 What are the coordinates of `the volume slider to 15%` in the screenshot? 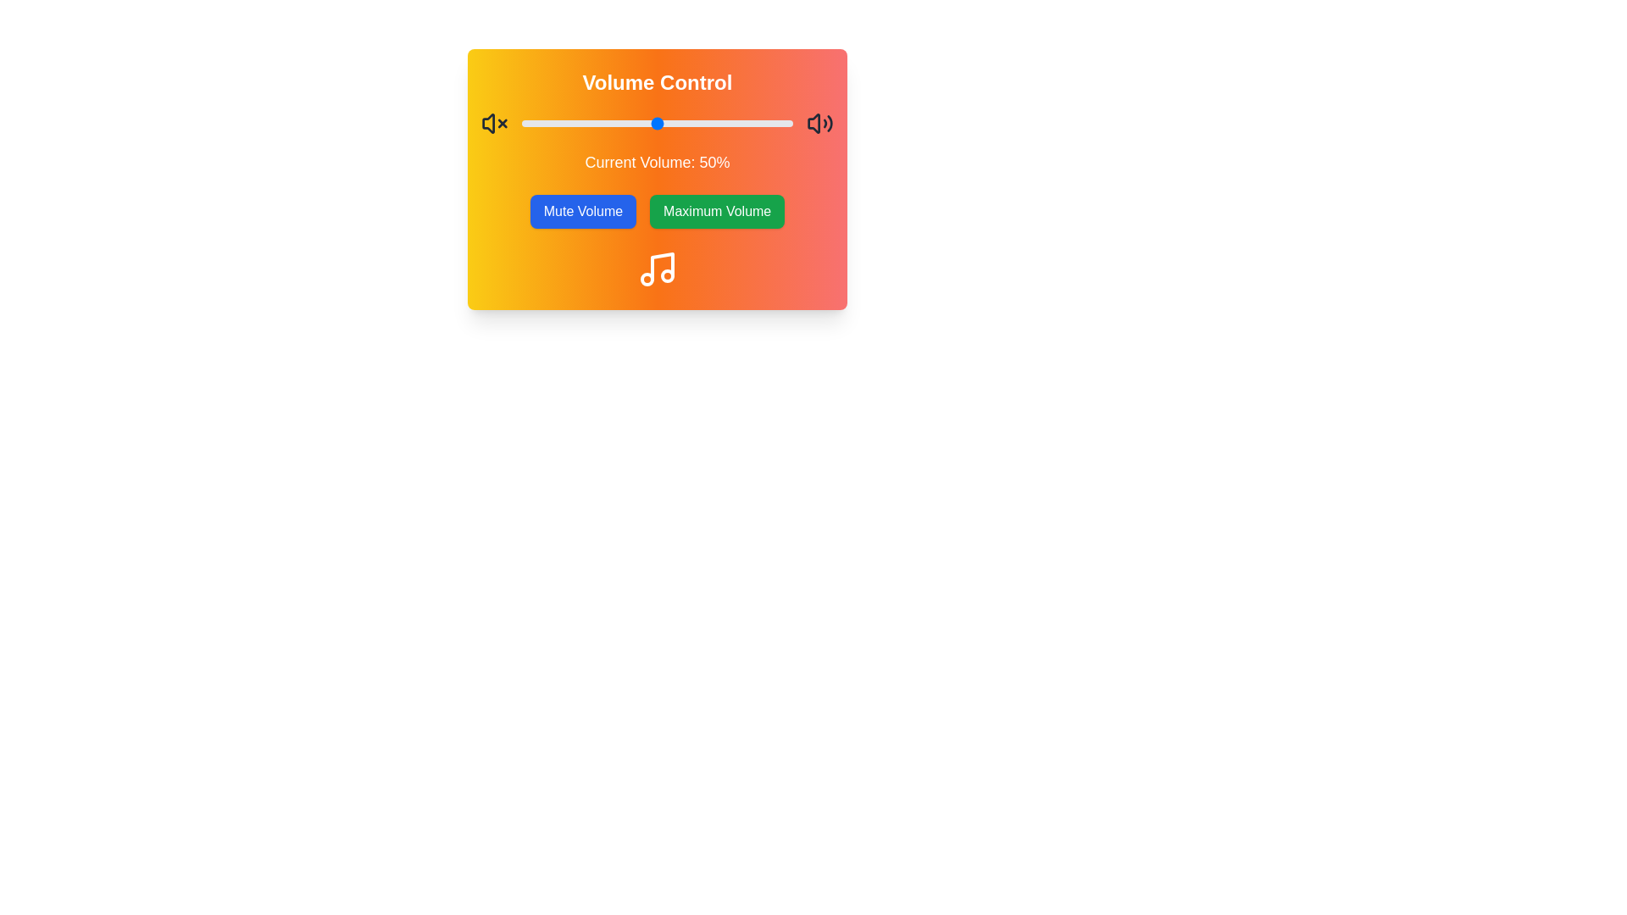 It's located at (562, 123).